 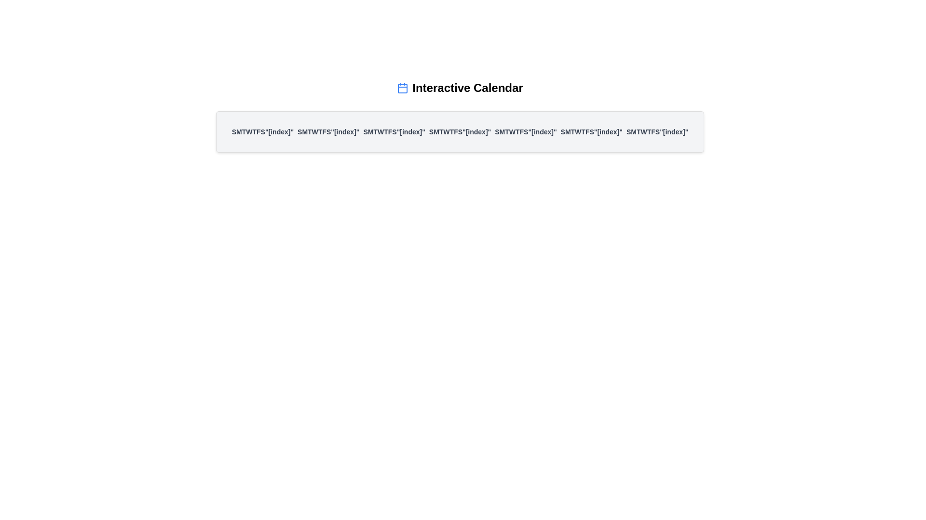 What do you see at coordinates (591, 131) in the screenshot?
I see `the sixth text label in the grid labeled 'SMTWTFS[5]', which is styled with a gray font color and centered alignment` at bounding box center [591, 131].